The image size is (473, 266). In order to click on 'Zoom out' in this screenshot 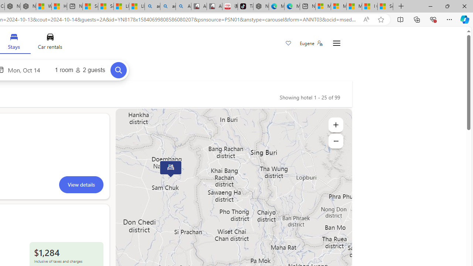, I will do `click(335, 141)`.